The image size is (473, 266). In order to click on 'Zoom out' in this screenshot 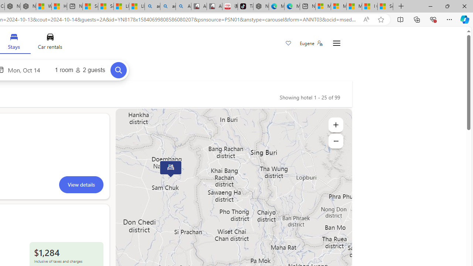, I will do `click(335, 141)`.